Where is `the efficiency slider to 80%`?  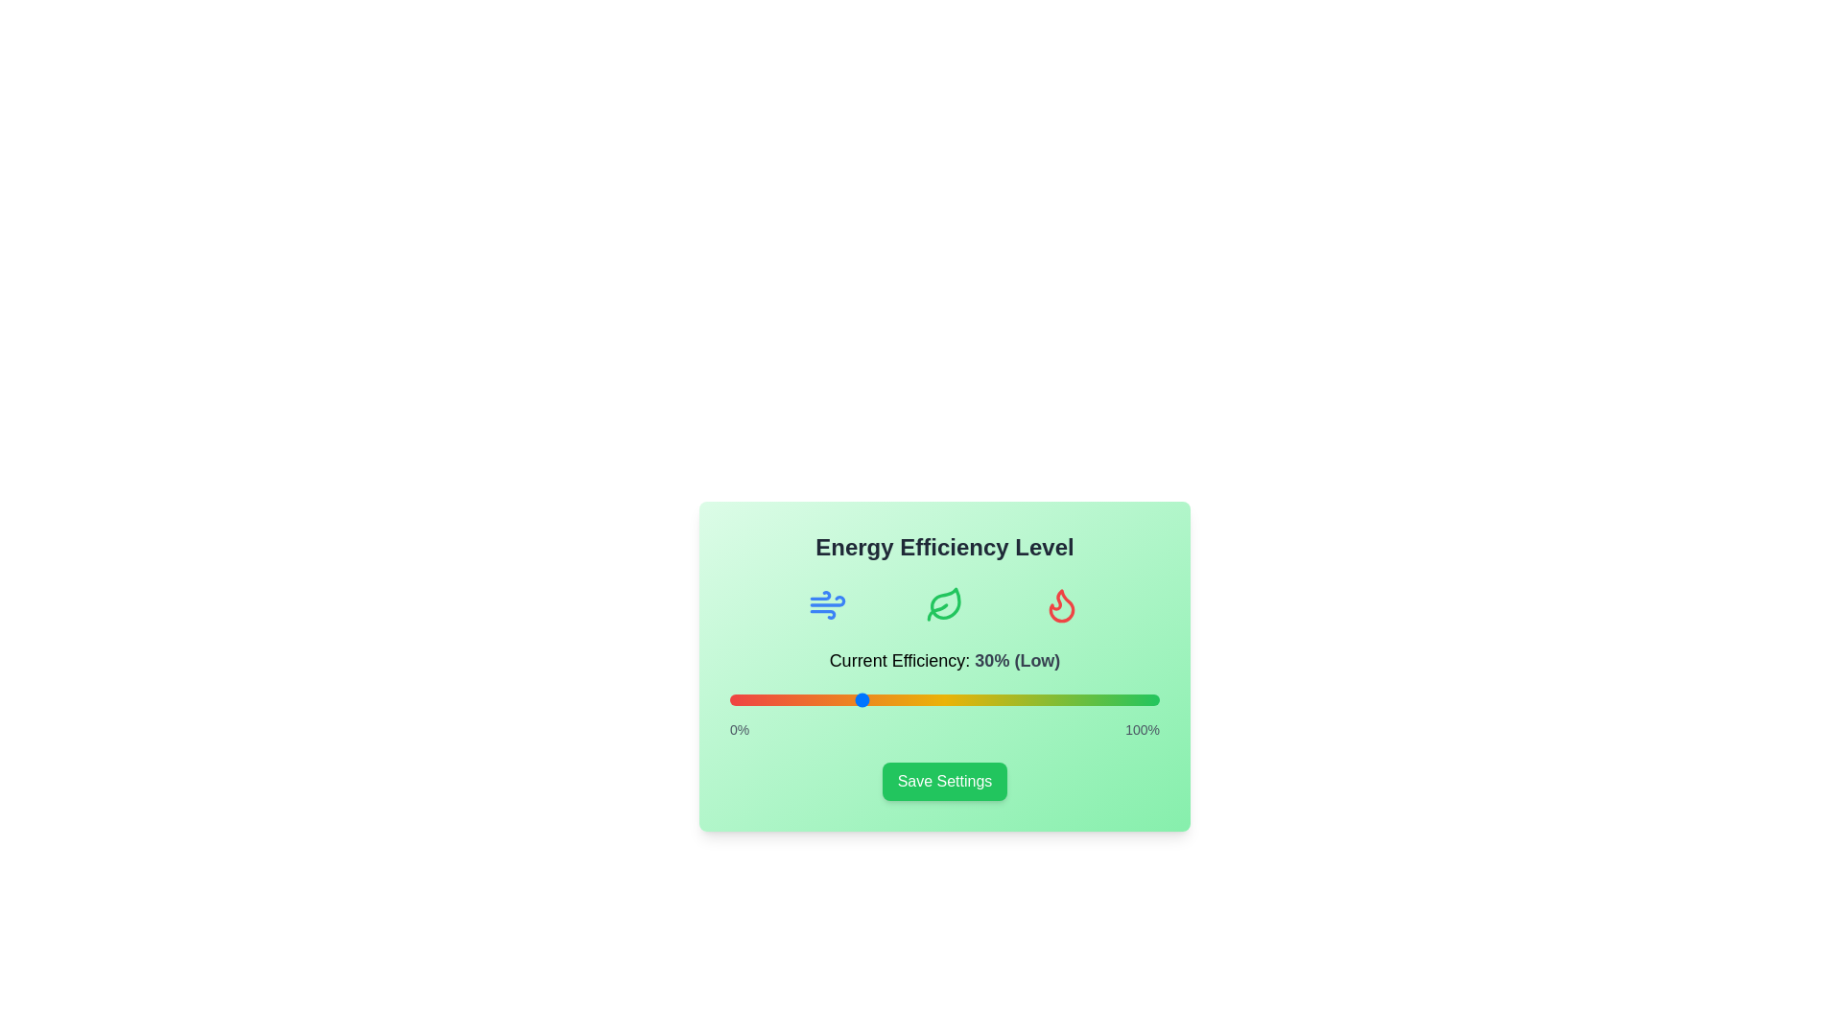
the efficiency slider to 80% is located at coordinates (1073, 699).